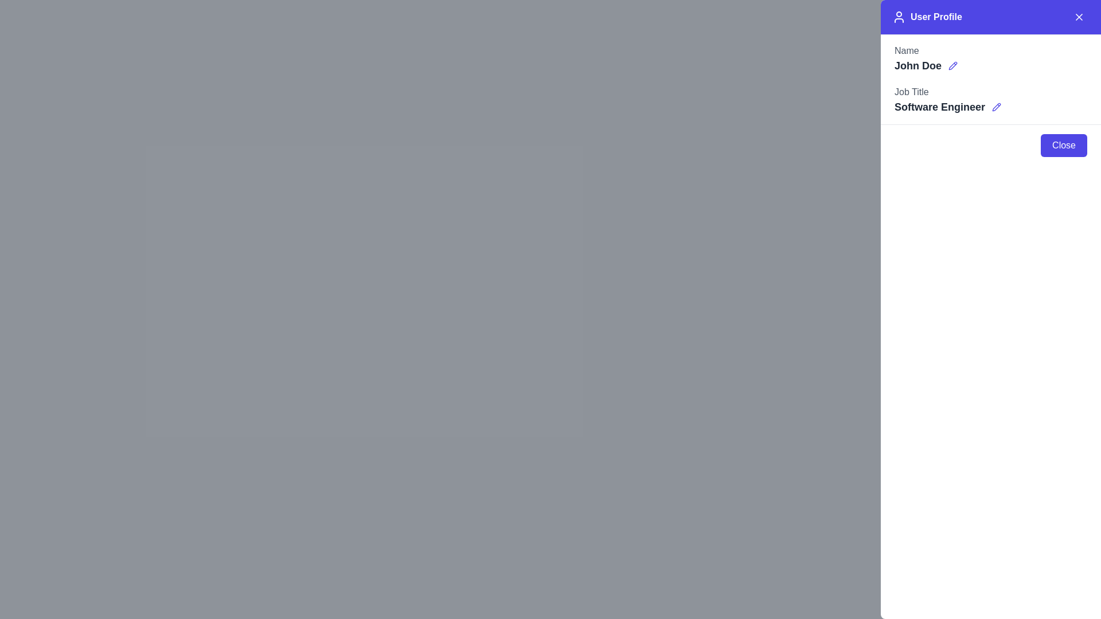 This screenshot has width=1101, height=619. Describe the element at coordinates (990, 99) in the screenshot. I see `the job title text 'Software Engineer'` at that location.